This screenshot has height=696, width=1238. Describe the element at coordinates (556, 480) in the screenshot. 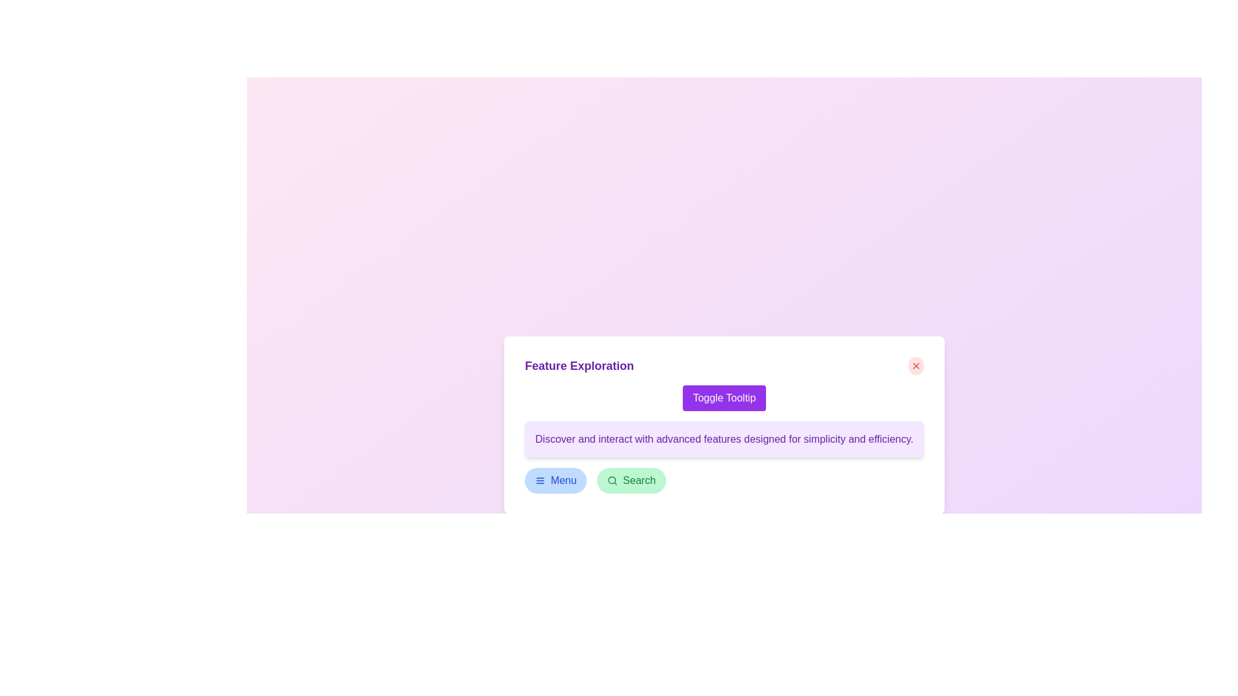

I see `the 'Menu' button with a light blue background and three horizontal lines icon` at that location.